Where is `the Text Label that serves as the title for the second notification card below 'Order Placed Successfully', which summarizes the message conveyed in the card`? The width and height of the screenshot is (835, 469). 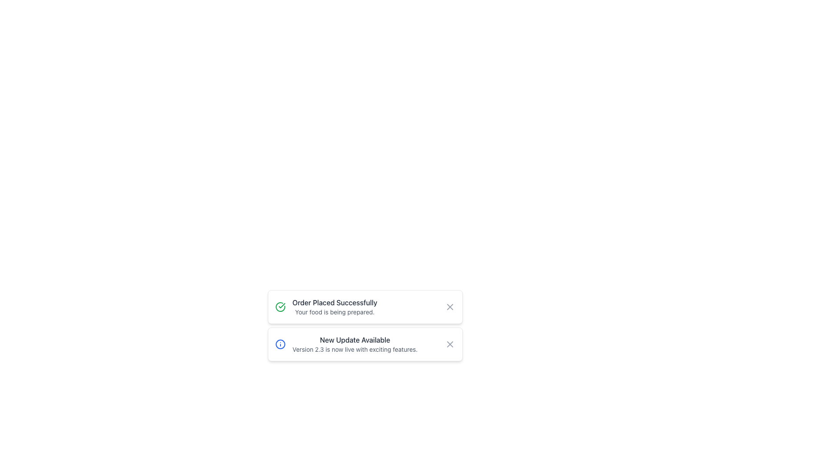 the Text Label that serves as the title for the second notification card below 'Order Placed Successfully', which summarizes the message conveyed in the card is located at coordinates (355, 340).